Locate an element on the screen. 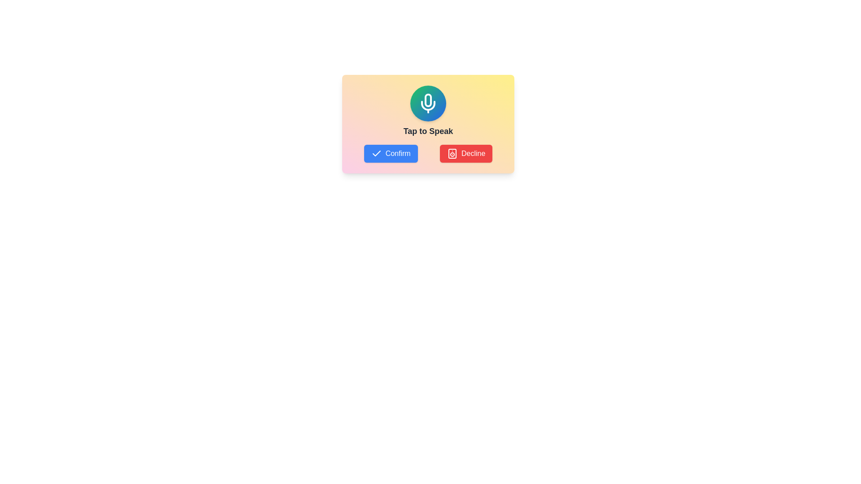  the speaker icon located within the red 'Decline' button at the bottom right of the modal labeled 'Tap to Speak' is located at coordinates (452, 153).